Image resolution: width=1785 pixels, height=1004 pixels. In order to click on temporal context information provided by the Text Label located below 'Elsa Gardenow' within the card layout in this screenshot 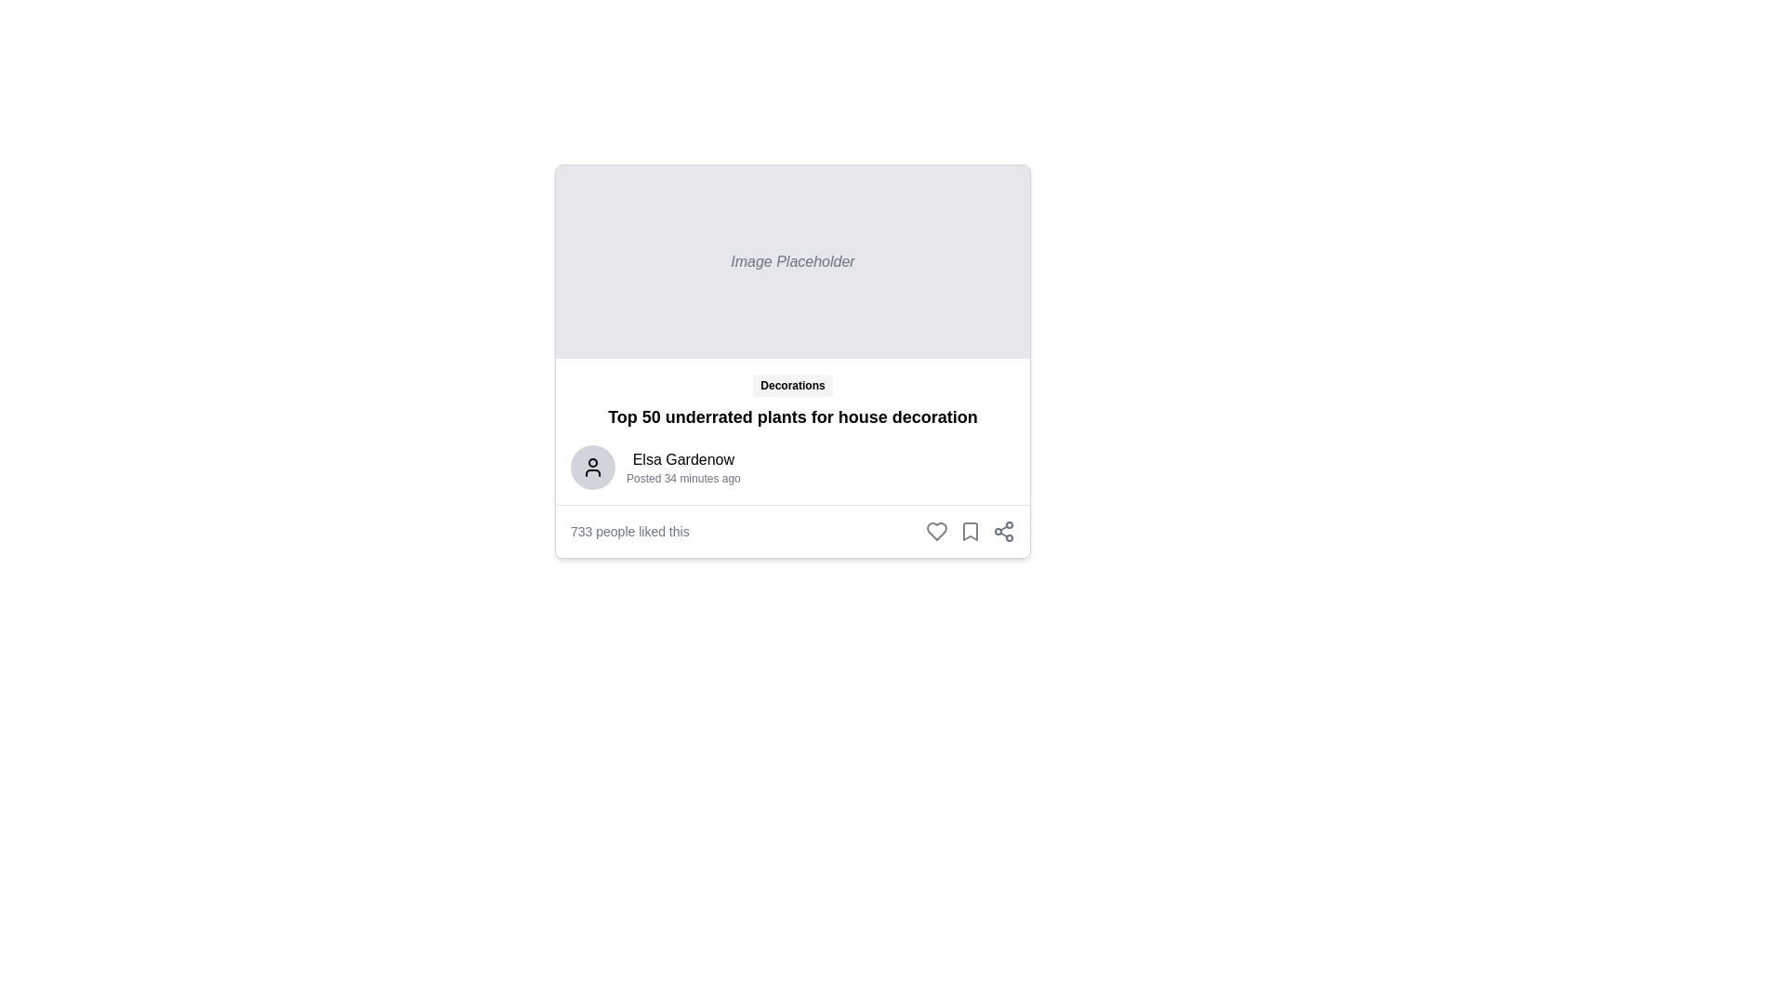, I will do `click(682, 478)`.